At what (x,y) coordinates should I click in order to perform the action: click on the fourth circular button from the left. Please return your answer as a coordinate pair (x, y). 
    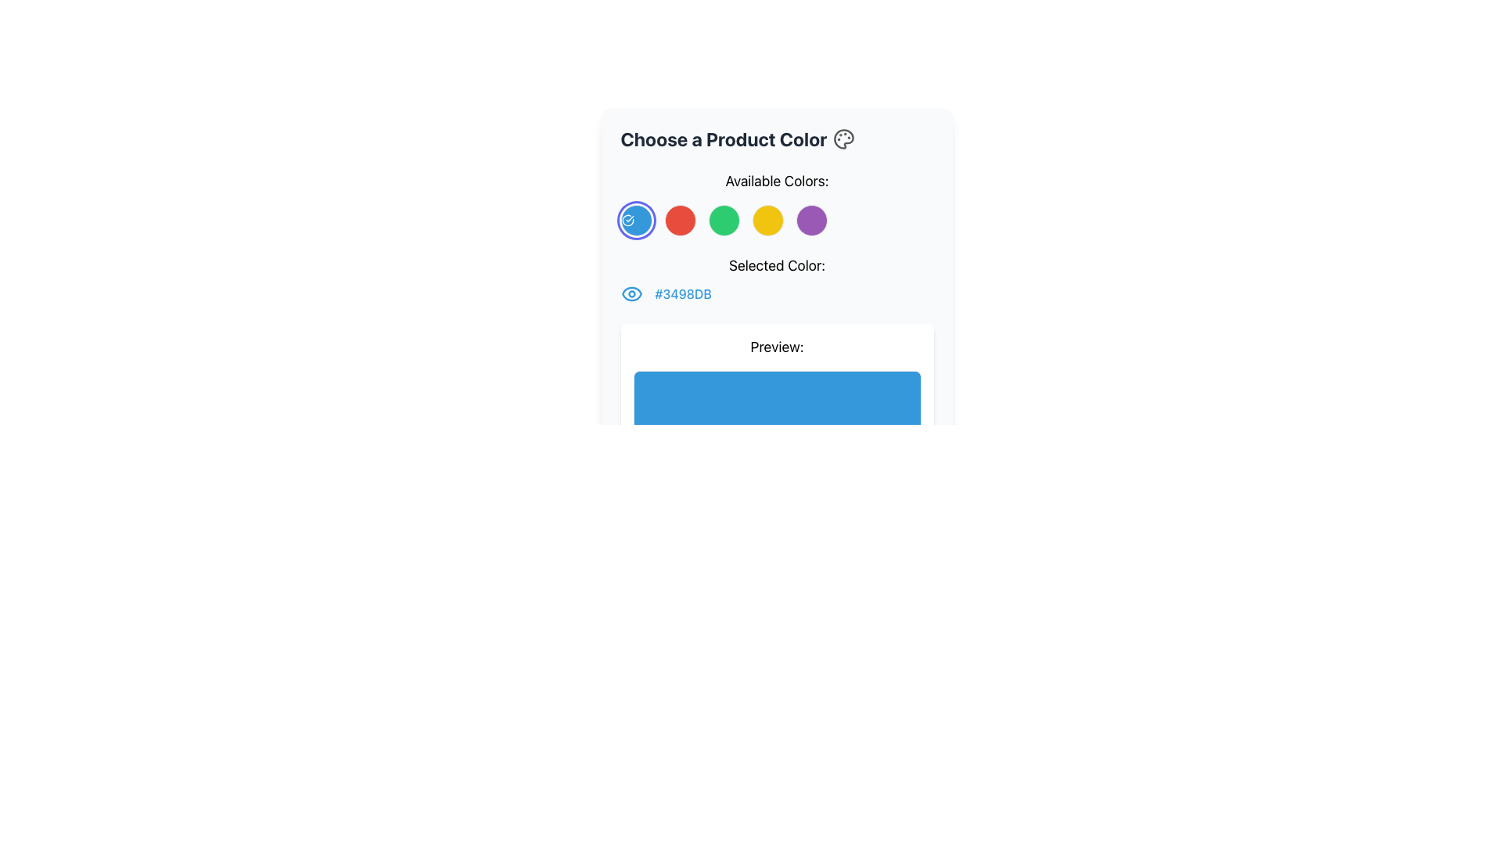
    Looking at the image, I should click on (723, 220).